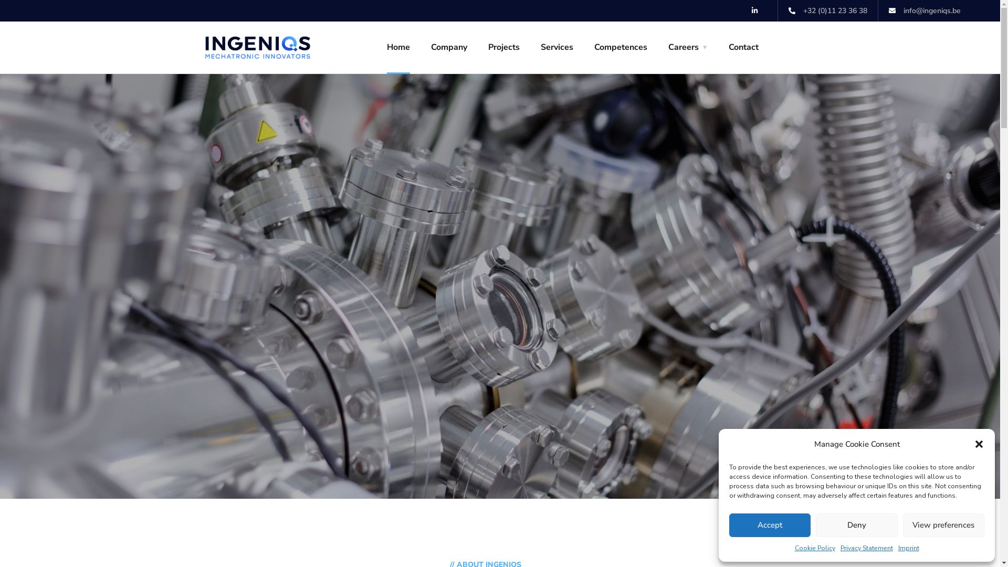  I want to click on 'Deny', so click(856, 525).